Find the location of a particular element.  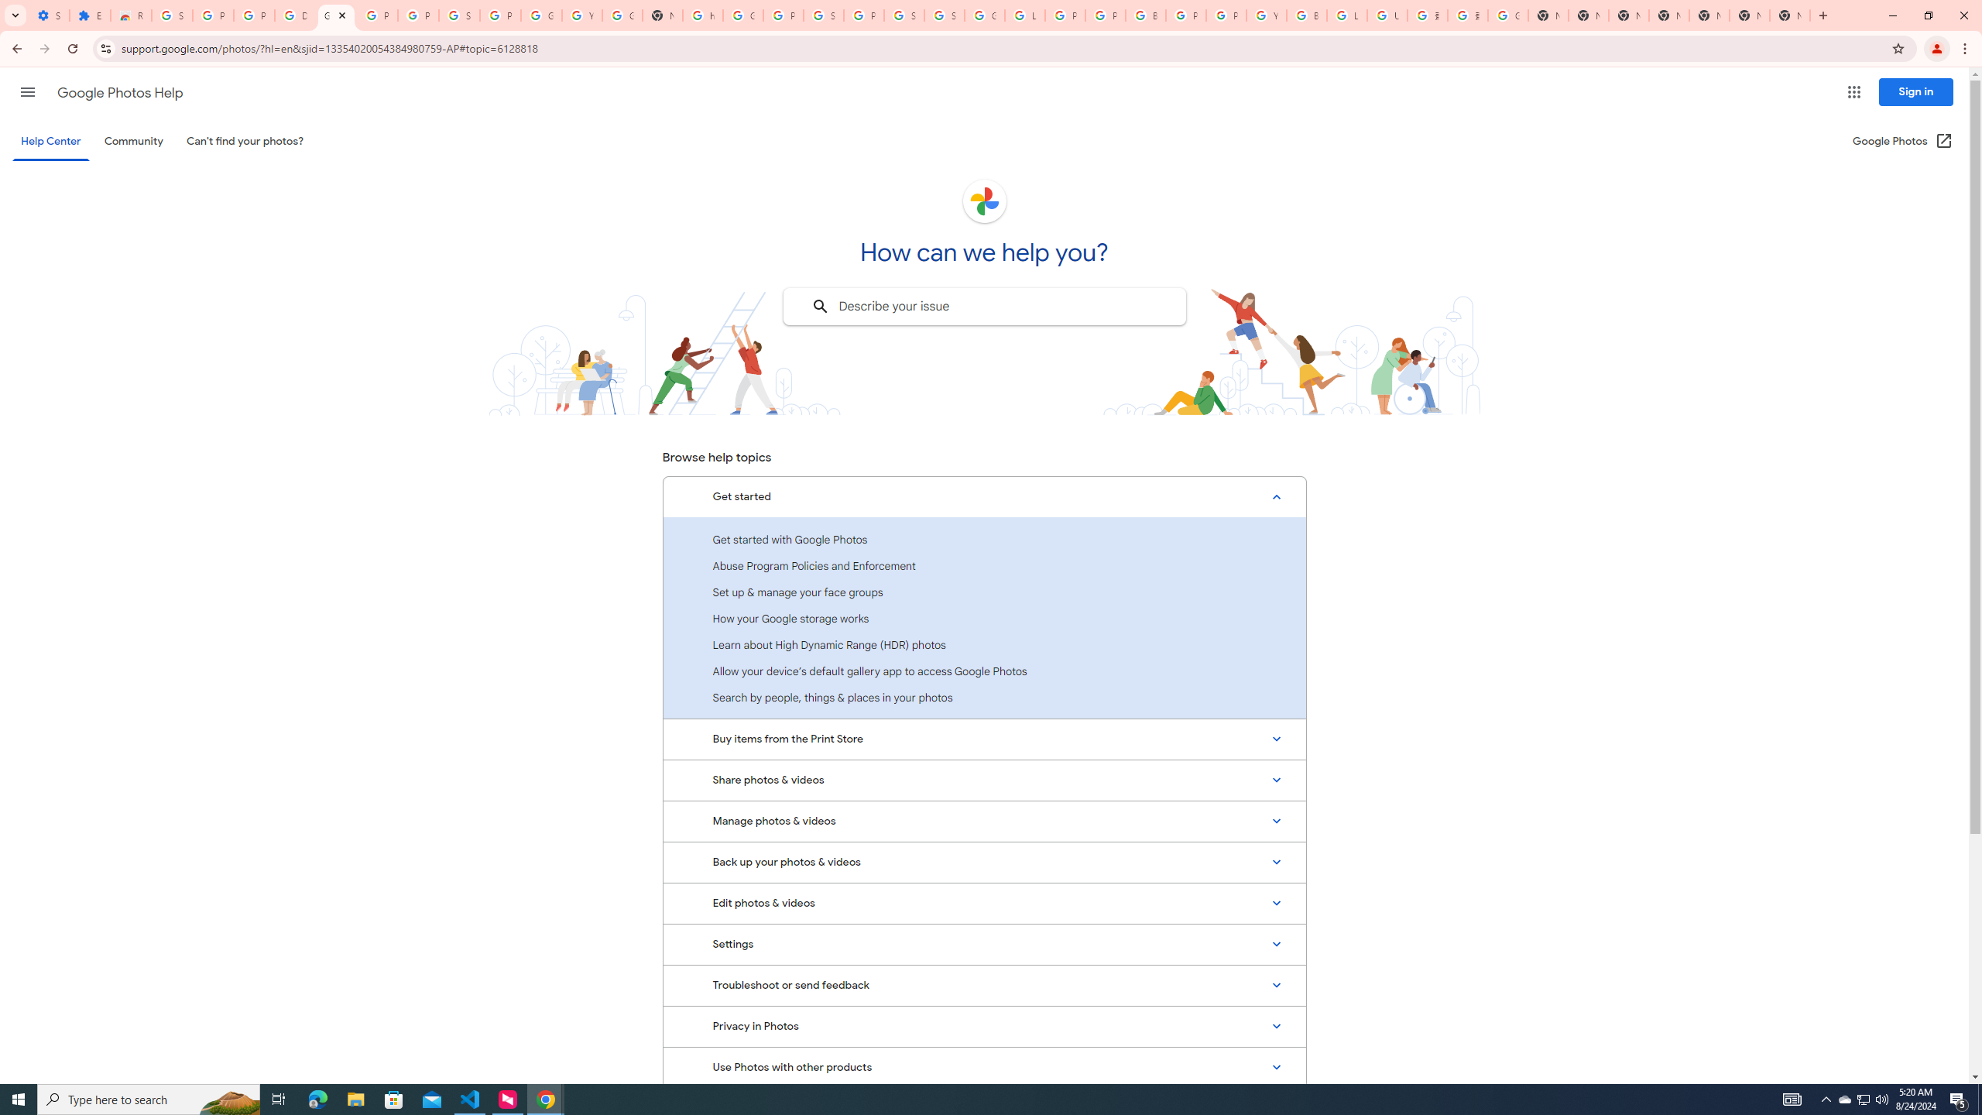

'Back up your photos & videos' is located at coordinates (984, 863).